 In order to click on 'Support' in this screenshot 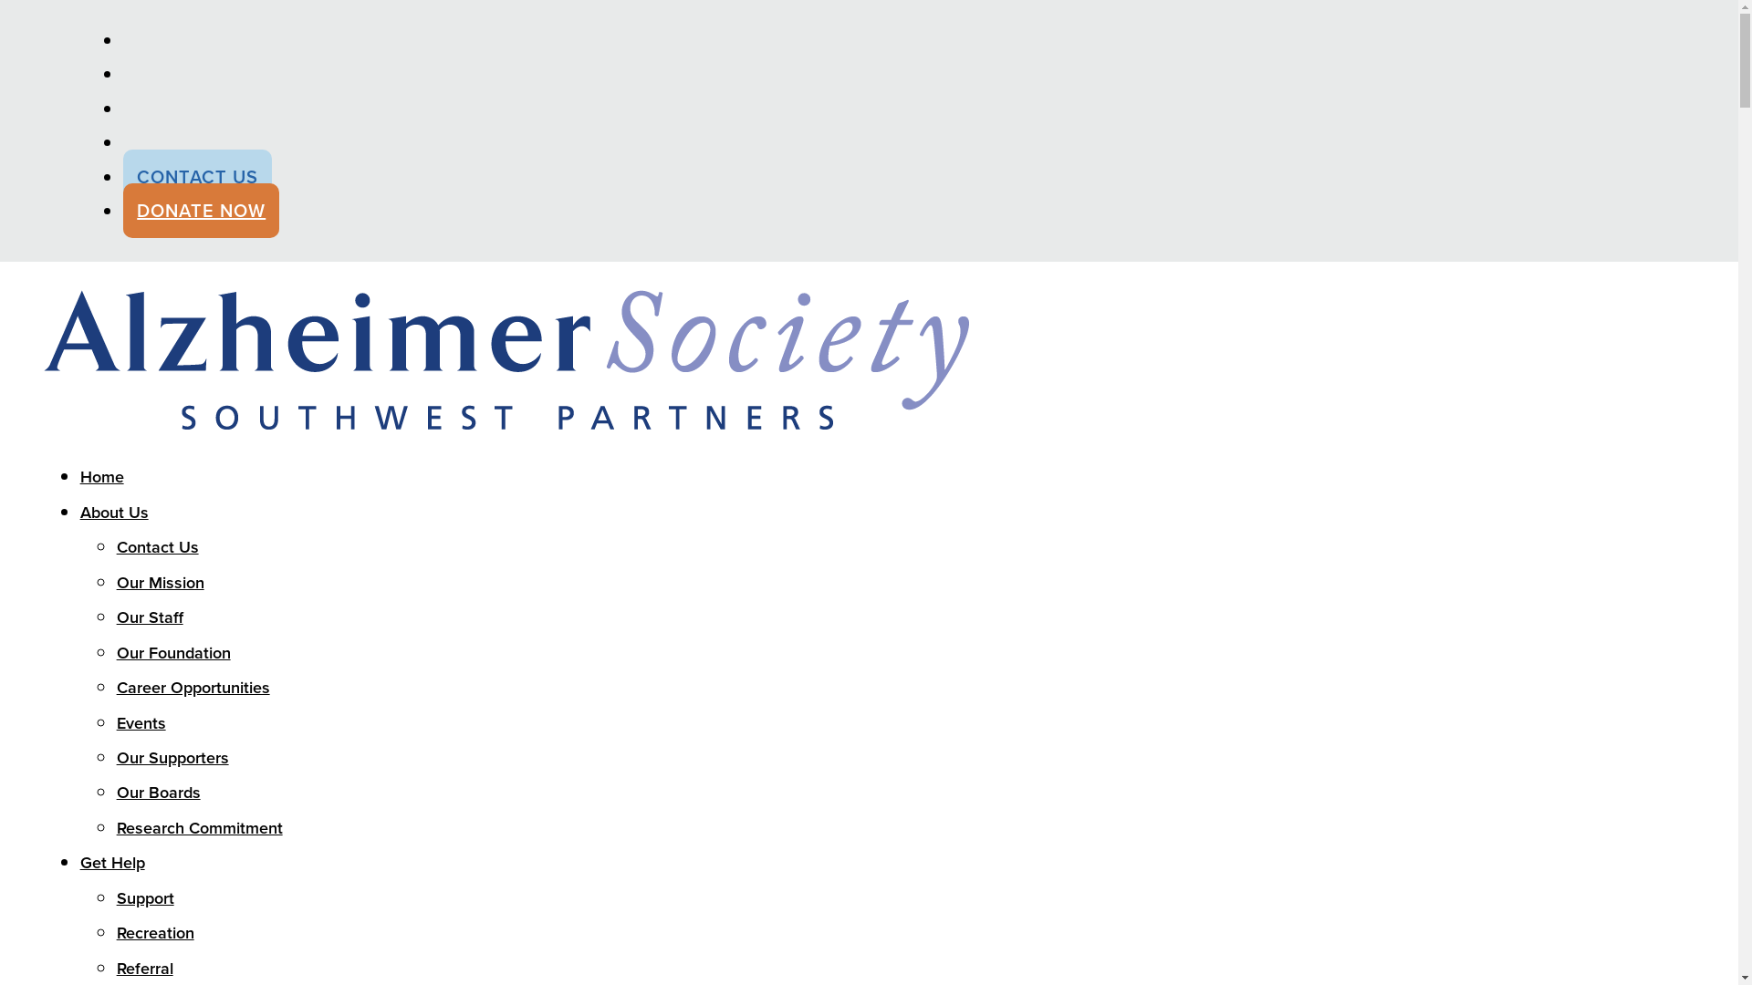, I will do `click(144, 897)`.